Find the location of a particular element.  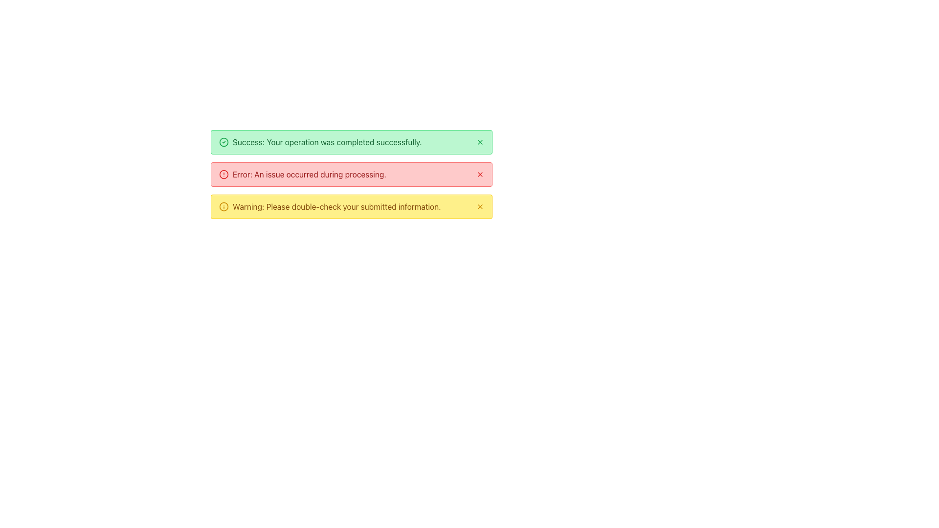

the small yellow button with a cross icon located to the far-right of the warning message is located at coordinates (480, 206).